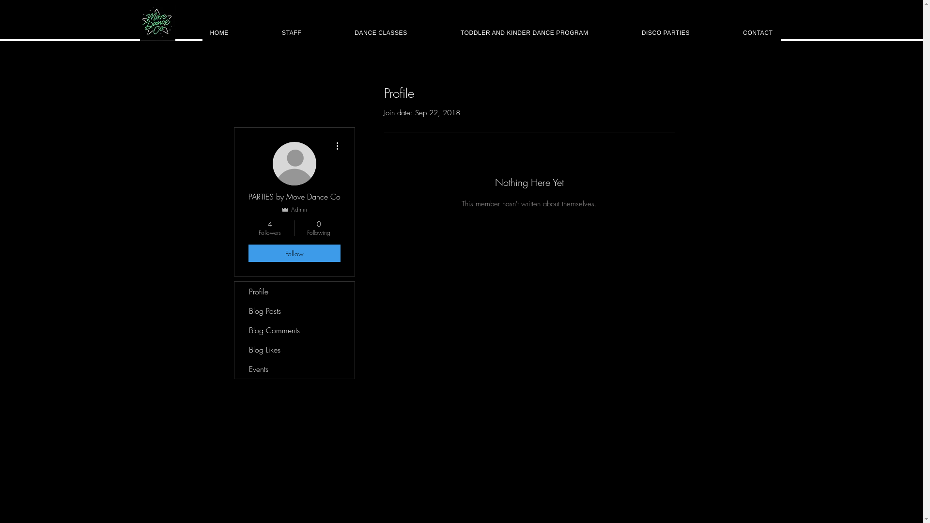  I want to click on 'STAFF', so click(291, 32).